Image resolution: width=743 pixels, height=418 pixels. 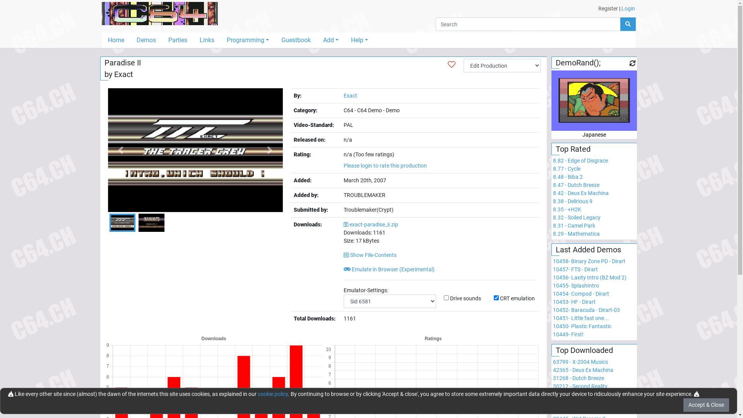 What do you see at coordinates (581, 294) in the screenshot?
I see `'10454- Compod - Dirart'` at bounding box center [581, 294].